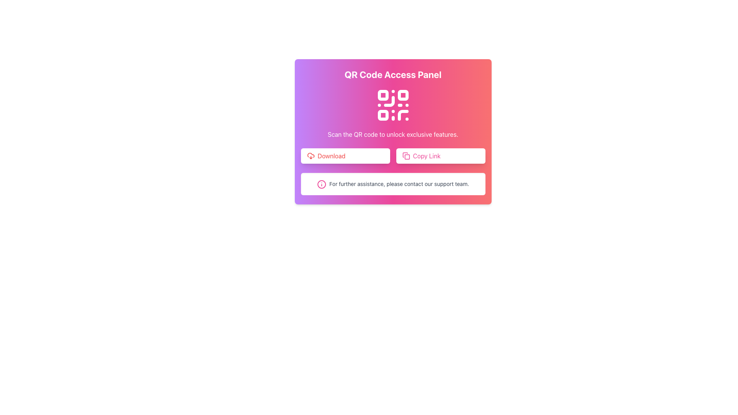 The width and height of the screenshot is (738, 415). What do you see at coordinates (345, 156) in the screenshot?
I see `the 'Download' button located in the left half of the layout, positioned below the QR code section, to initiate a file download` at bounding box center [345, 156].